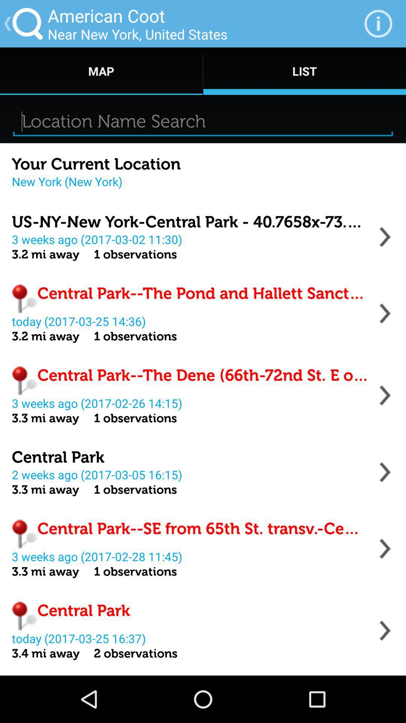  Describe the element at coordinates (385, 395) in the screenshot. I see `open article` at that location.